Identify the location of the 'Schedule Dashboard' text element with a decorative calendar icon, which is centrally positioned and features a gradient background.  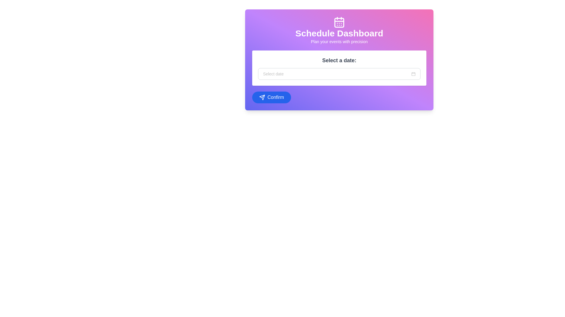
(339, 31).